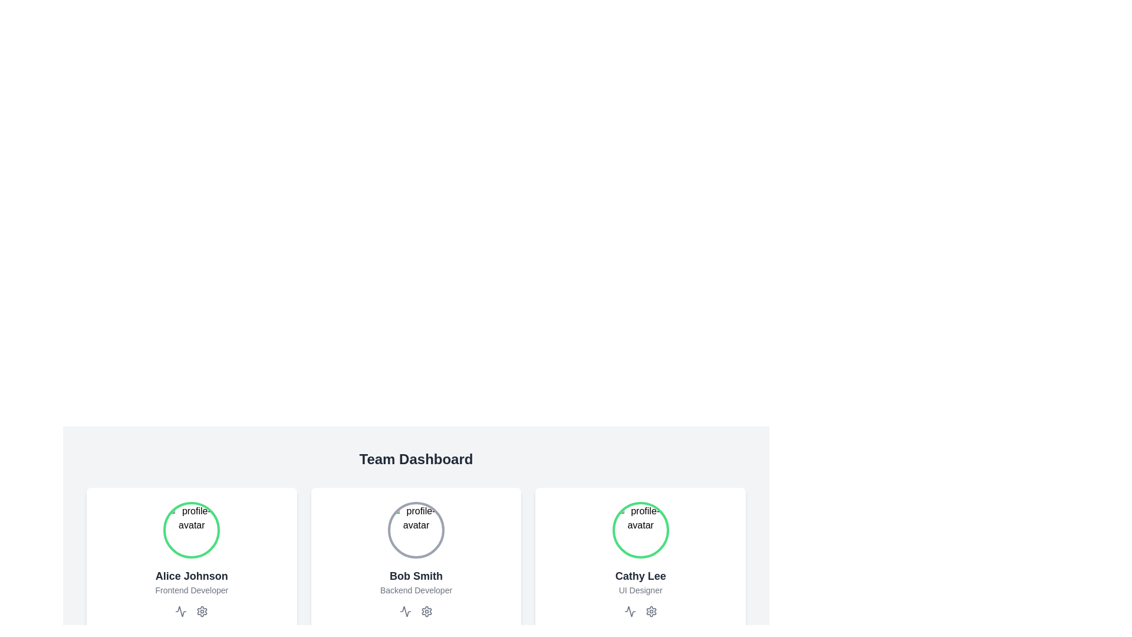  What do you see at coordinates (416, 529) in the screenshot?
I see `the Profile Image representing Bob Smith in the Team Dashboard section` at bounding box center [416, 529].